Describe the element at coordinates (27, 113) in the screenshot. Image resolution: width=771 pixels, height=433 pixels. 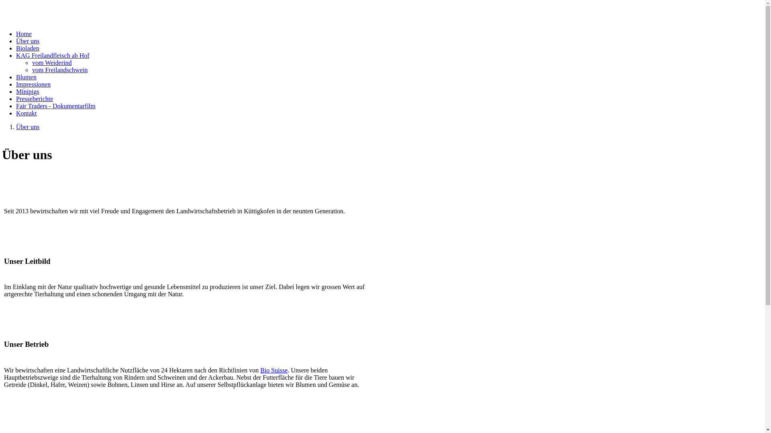
I see `'Kontakt'` at that location.